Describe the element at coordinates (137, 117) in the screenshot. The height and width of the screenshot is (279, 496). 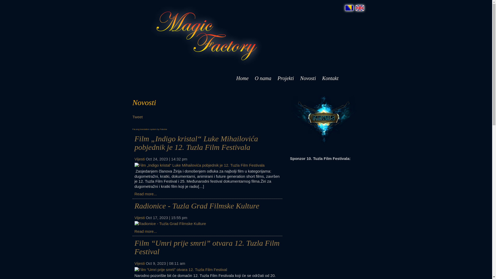
I see `'Tweet'` at that location.